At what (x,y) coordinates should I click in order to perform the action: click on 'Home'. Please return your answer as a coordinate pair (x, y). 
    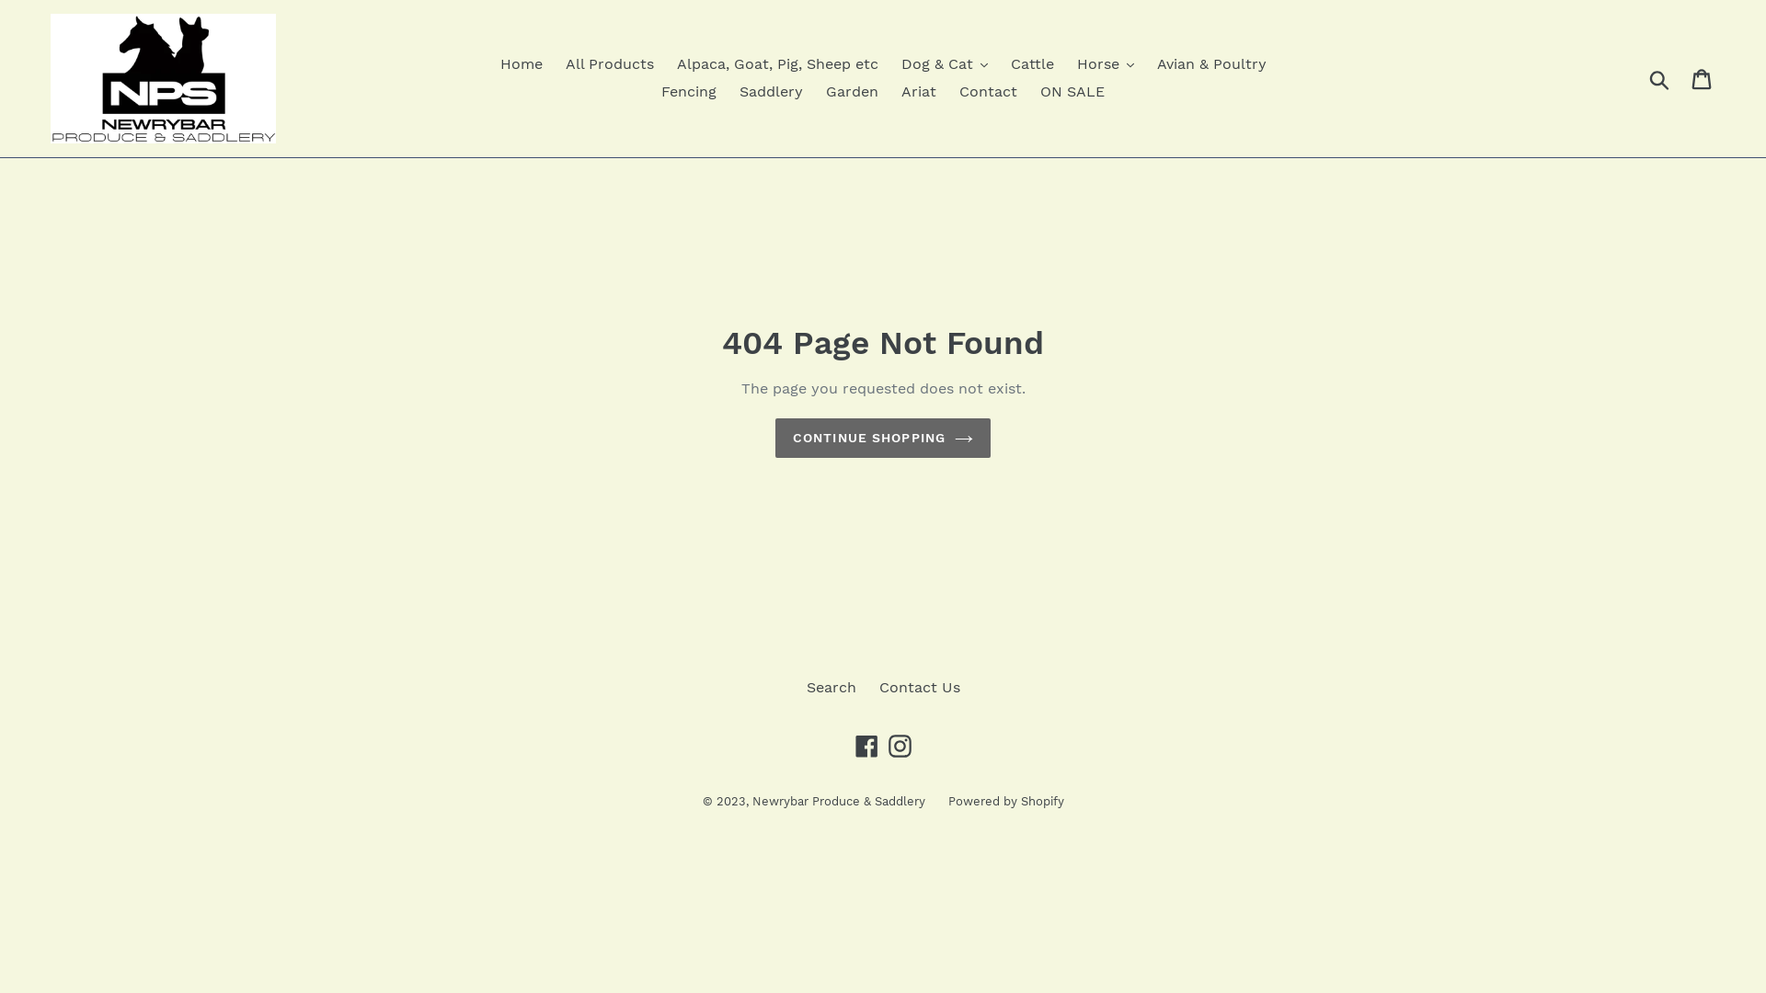
    Looking at the image, I should click on (520, 63).